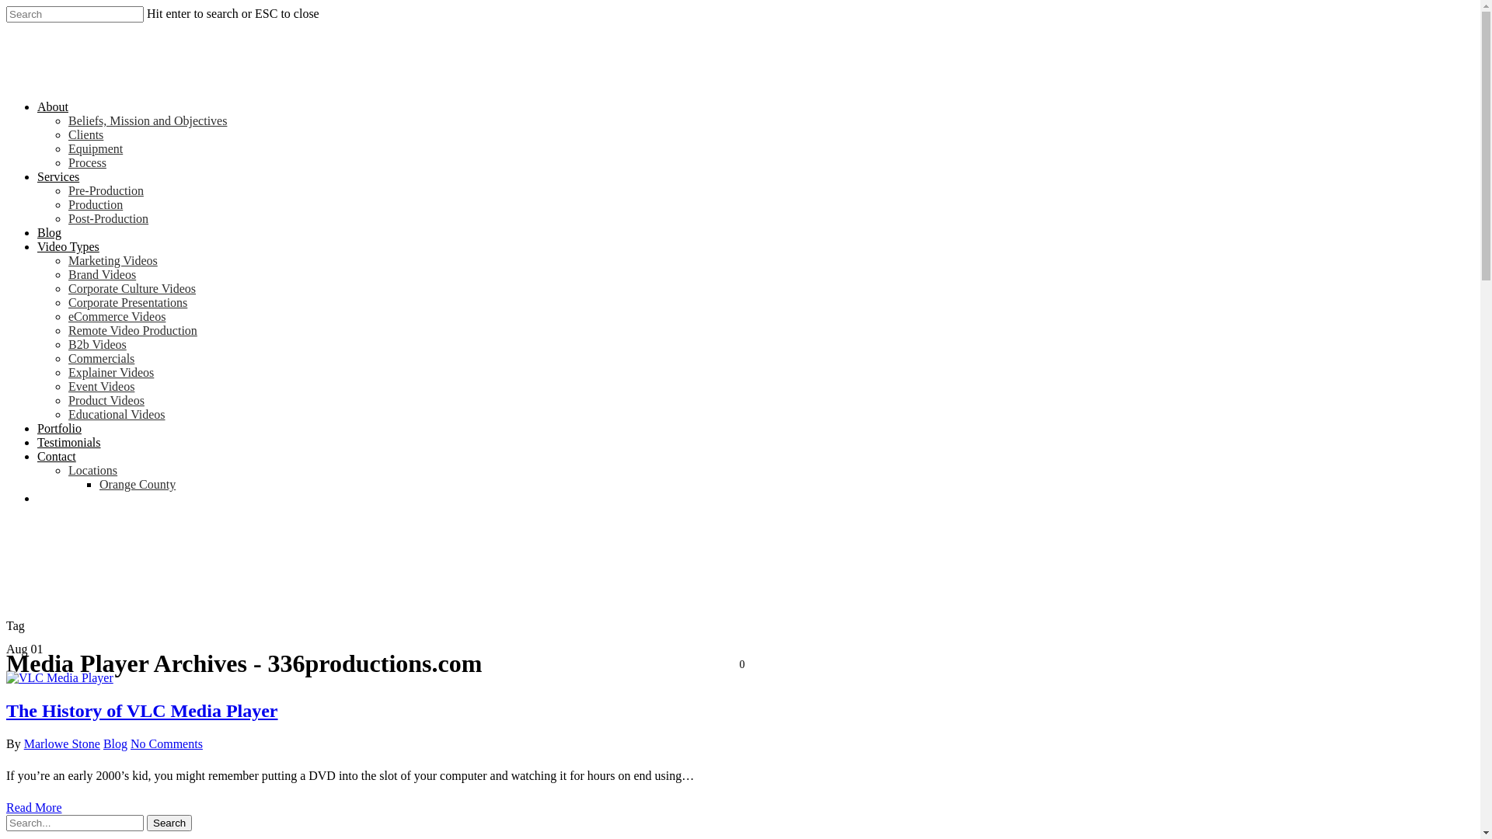  What do you see at coordinates (116, 315) in the screenshot?
I see `'eCommerce Videos'` at bounding box center [116, 315].